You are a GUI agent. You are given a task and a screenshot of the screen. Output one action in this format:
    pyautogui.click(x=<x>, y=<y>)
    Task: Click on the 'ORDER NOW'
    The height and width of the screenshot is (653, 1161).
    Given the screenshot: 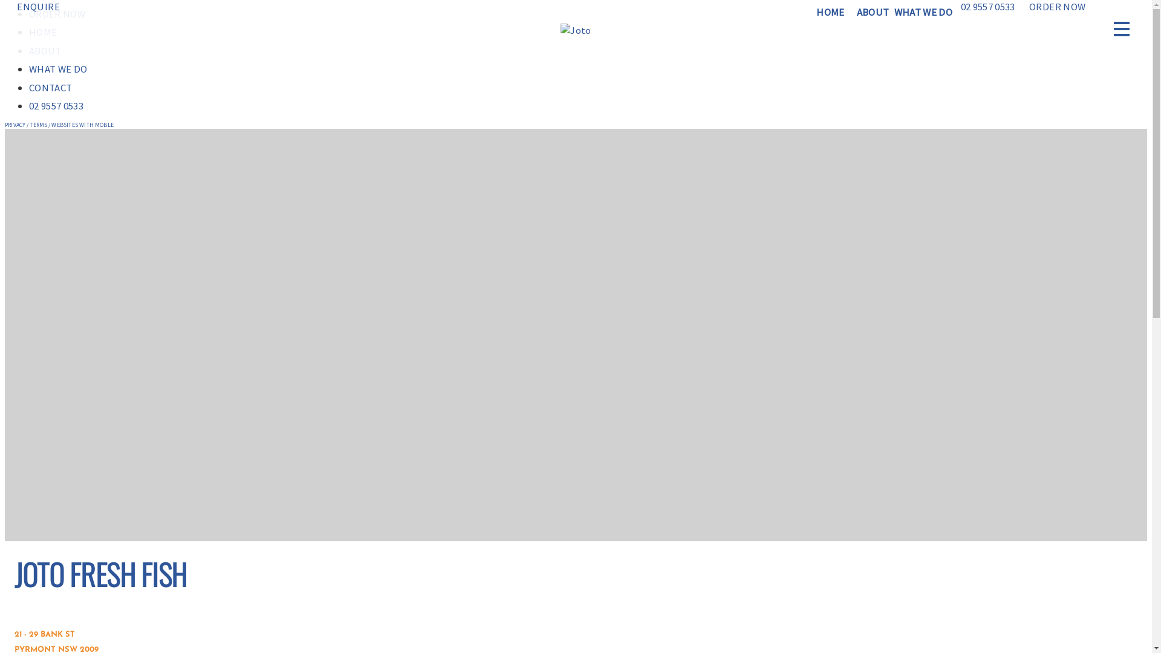 What is the action you would take?
    pyautogui.click(x=29, y=14)
    